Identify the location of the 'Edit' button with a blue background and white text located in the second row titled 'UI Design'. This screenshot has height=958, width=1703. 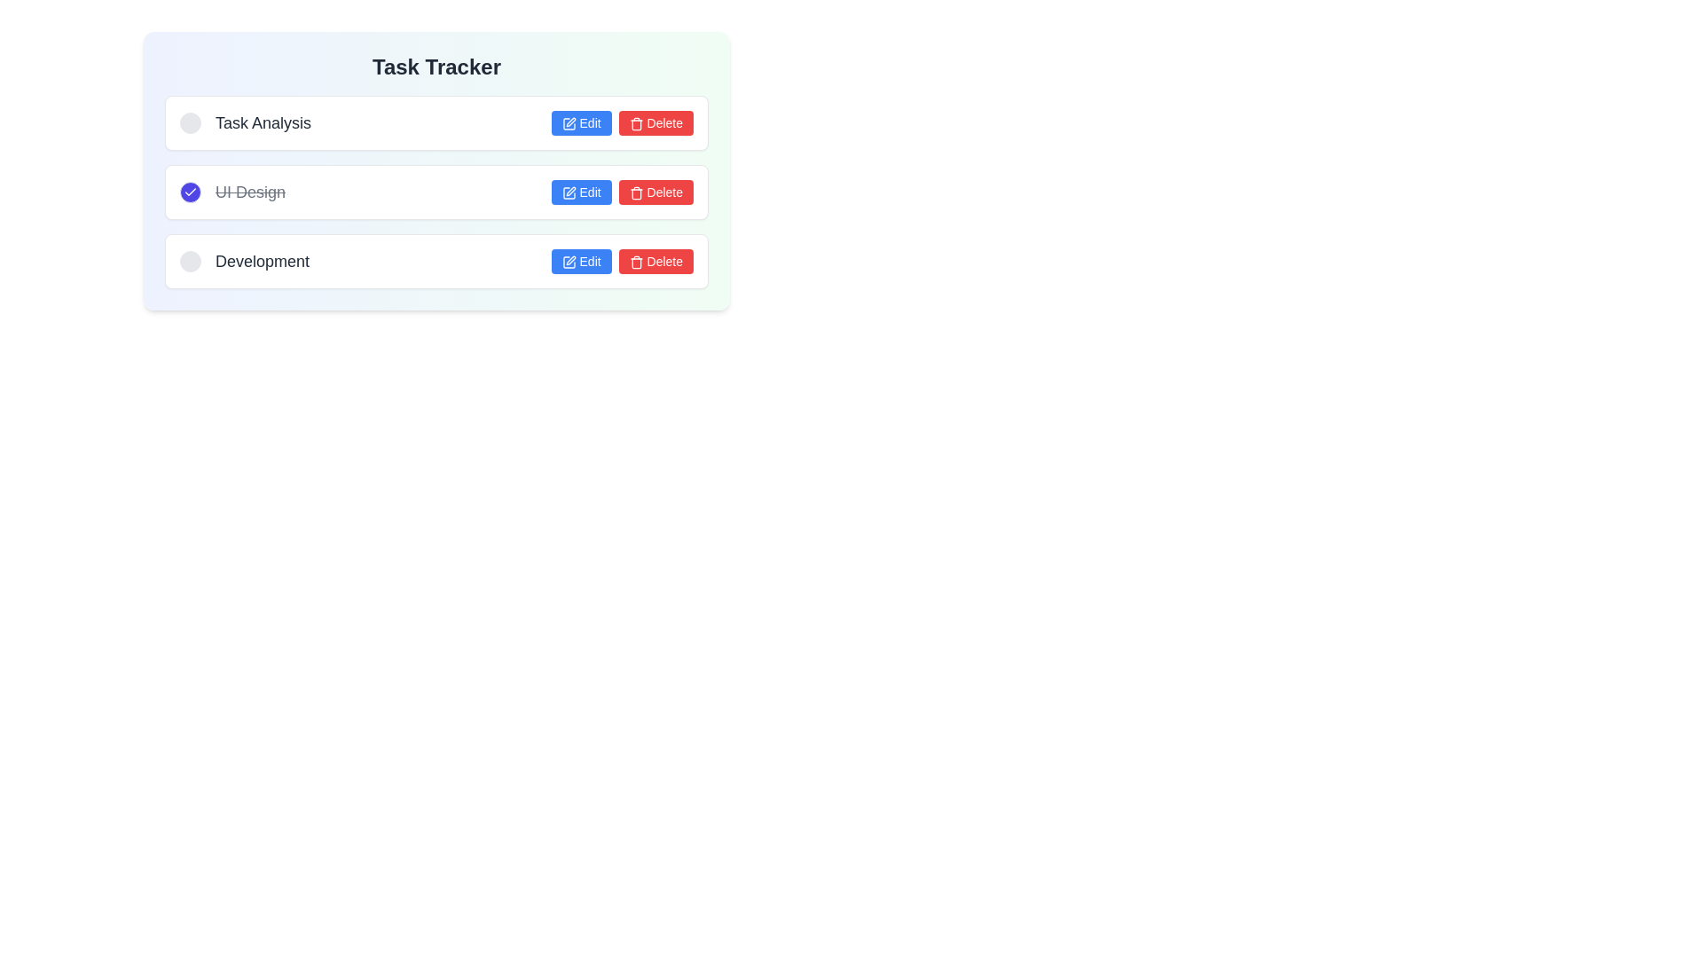
(581, 192).